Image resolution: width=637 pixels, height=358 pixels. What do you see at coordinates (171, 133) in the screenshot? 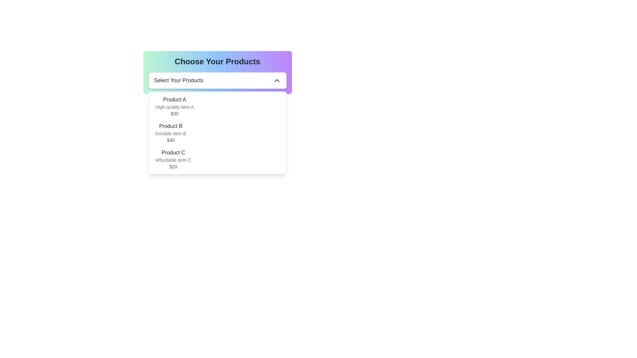
I see `the non-interactive text label that provides additional information about 'Product B', positioned between the title and price in the dropdown list` at bounding box center [171, 133].